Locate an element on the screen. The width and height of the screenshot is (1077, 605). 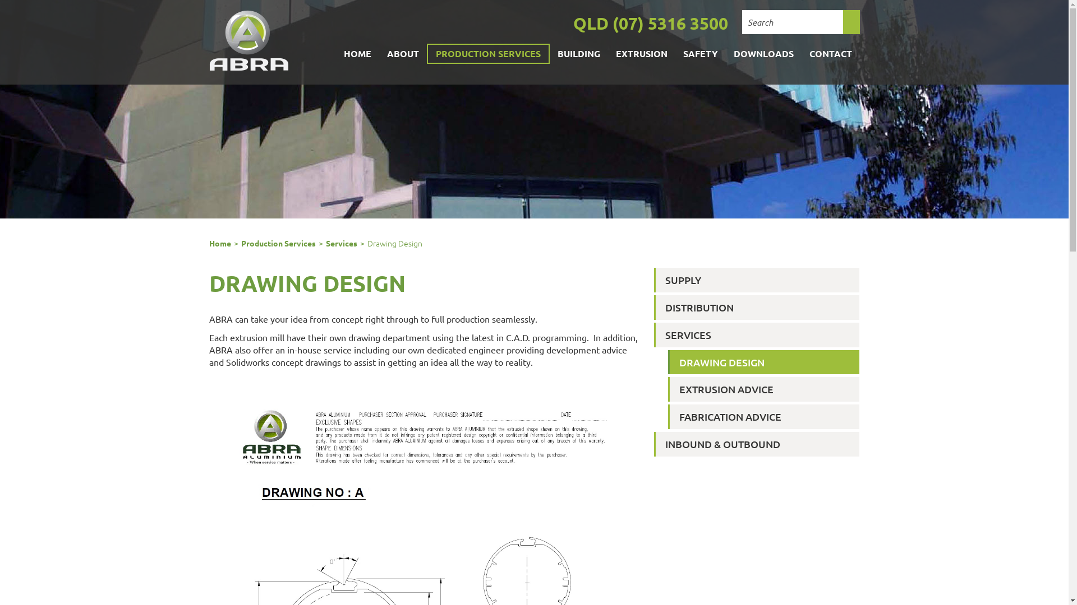
'DRAWING DESIGN' is located at coordinates (763, 362).